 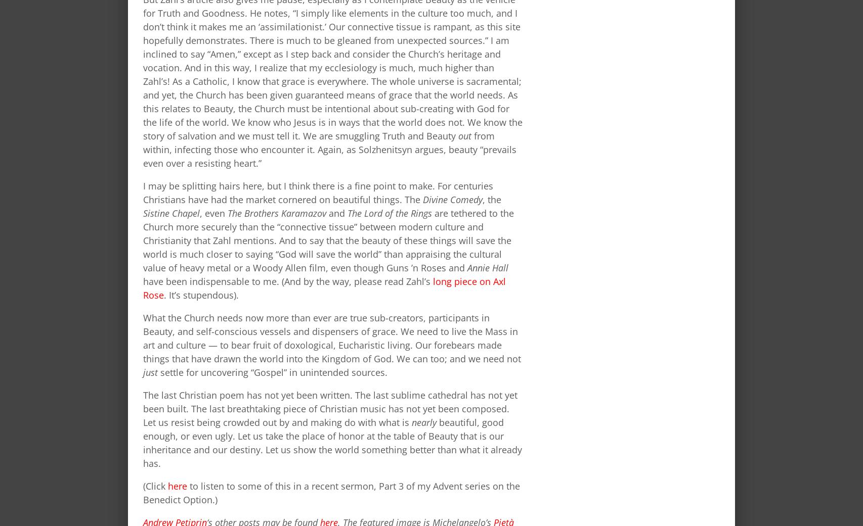 What do you see at coordinates (234, 212) in the screenshot?
I see `'The'` at bounding box center [234, 212].